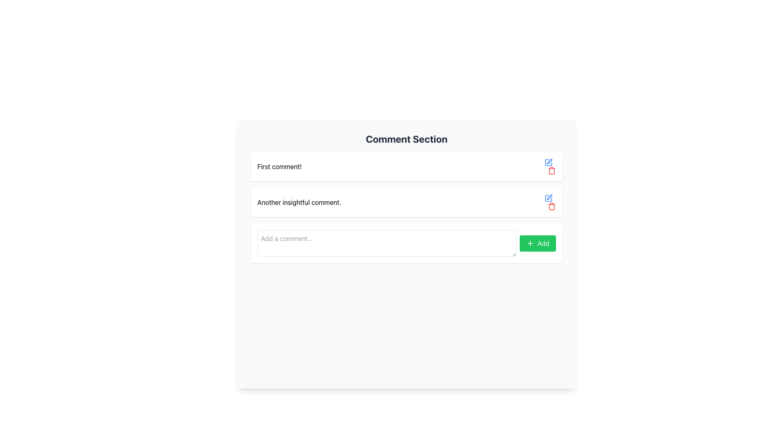 This screenshot has height=439, width=782. I want to click on the icon button located at the right end of the comment section's first comment row, so click(549, 163).